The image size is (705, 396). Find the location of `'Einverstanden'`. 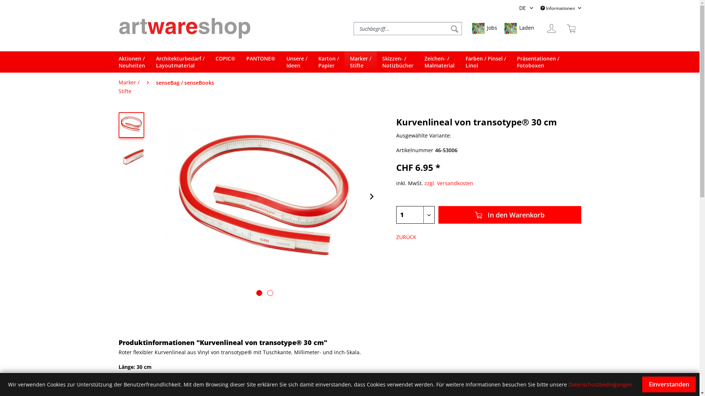

'Einverstanden' is located at coordinates (641, 384).